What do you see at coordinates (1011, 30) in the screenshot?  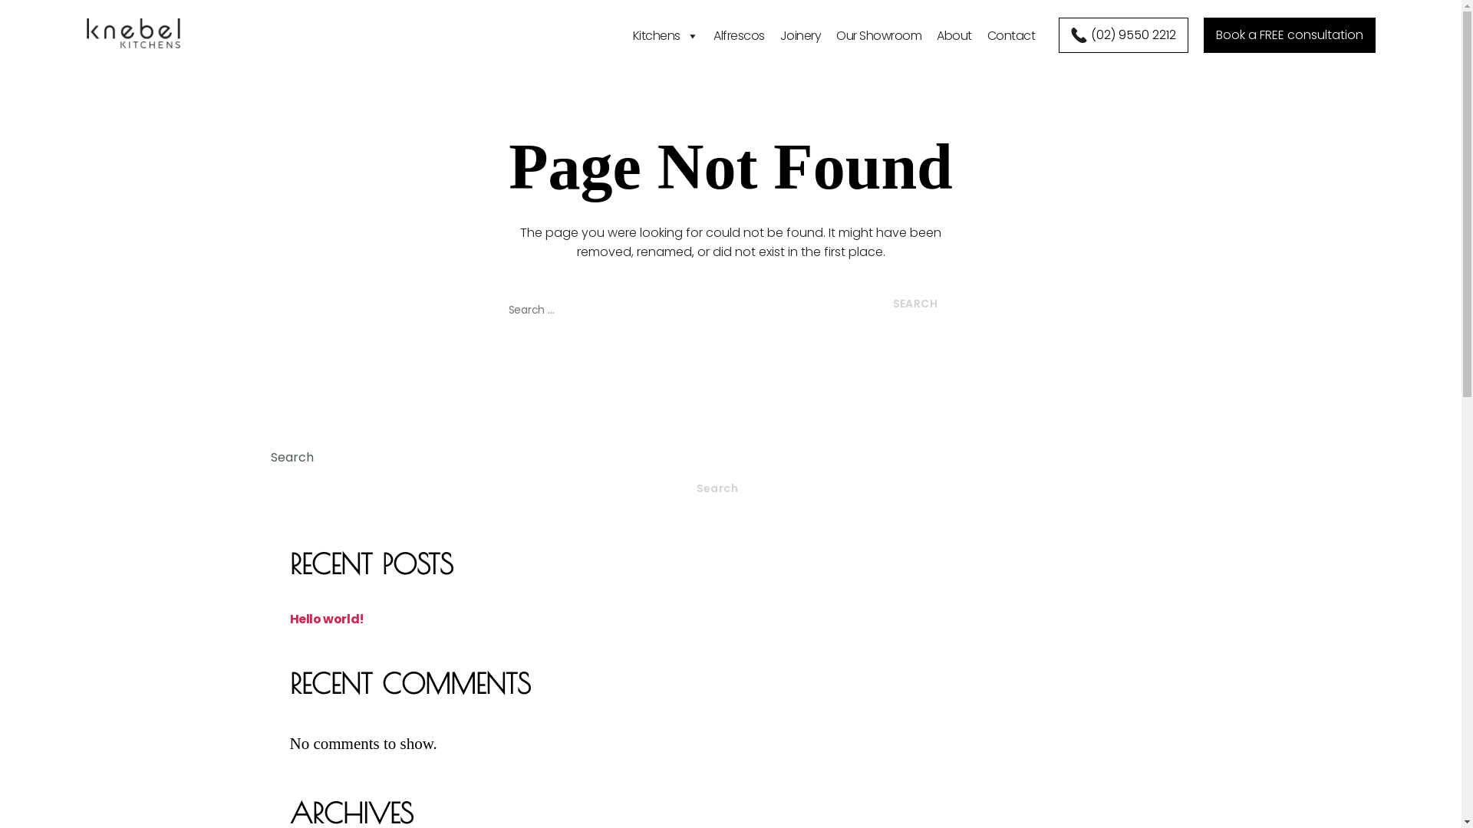 I see `'Contact'` at bounding box center [1011, 30].